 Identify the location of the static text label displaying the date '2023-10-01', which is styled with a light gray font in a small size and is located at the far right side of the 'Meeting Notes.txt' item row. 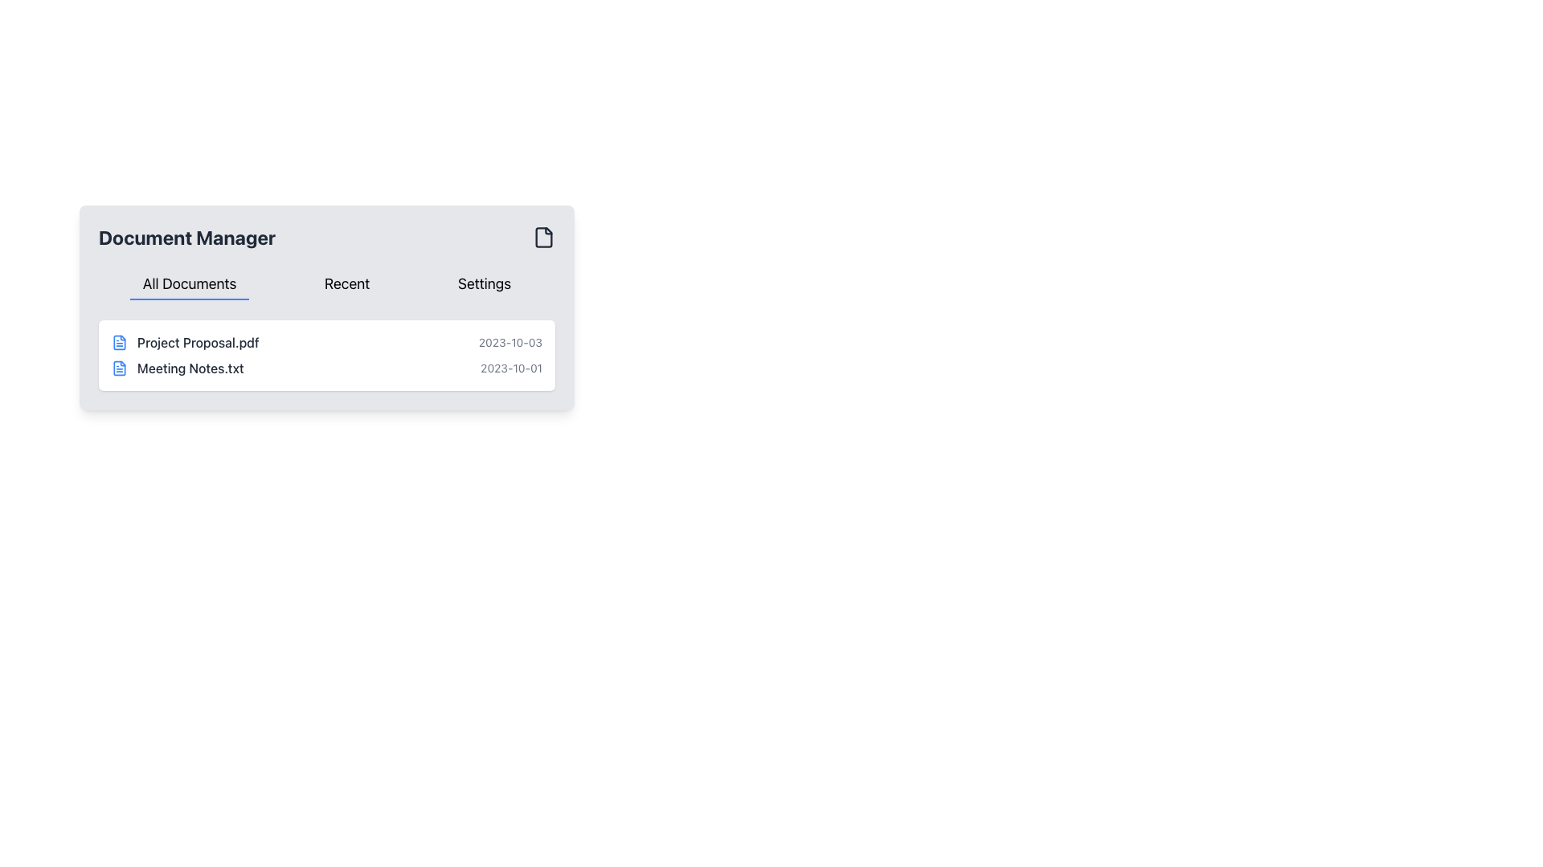
(510, 368).